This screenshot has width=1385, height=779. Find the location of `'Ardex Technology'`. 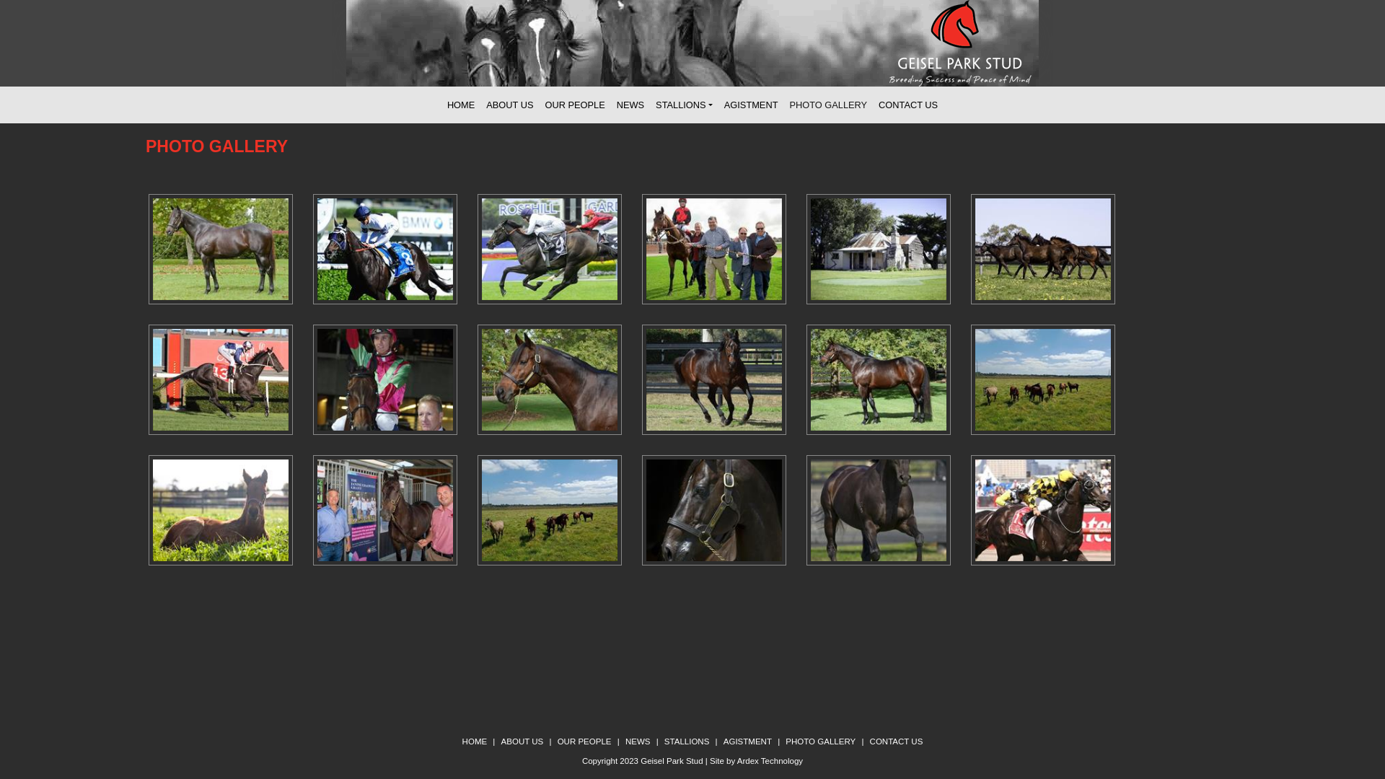

'Ardex Technology' is located at coordinates (737, 760).